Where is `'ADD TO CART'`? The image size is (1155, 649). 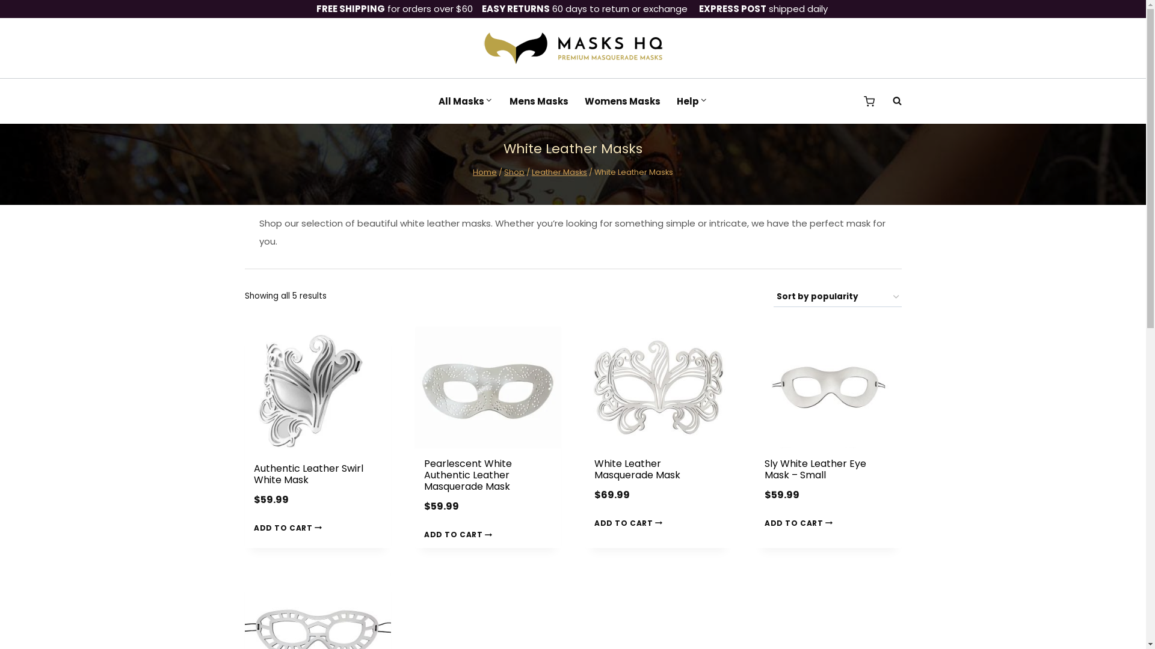 'ADD TO CART' is located at coordinates (459, 534).